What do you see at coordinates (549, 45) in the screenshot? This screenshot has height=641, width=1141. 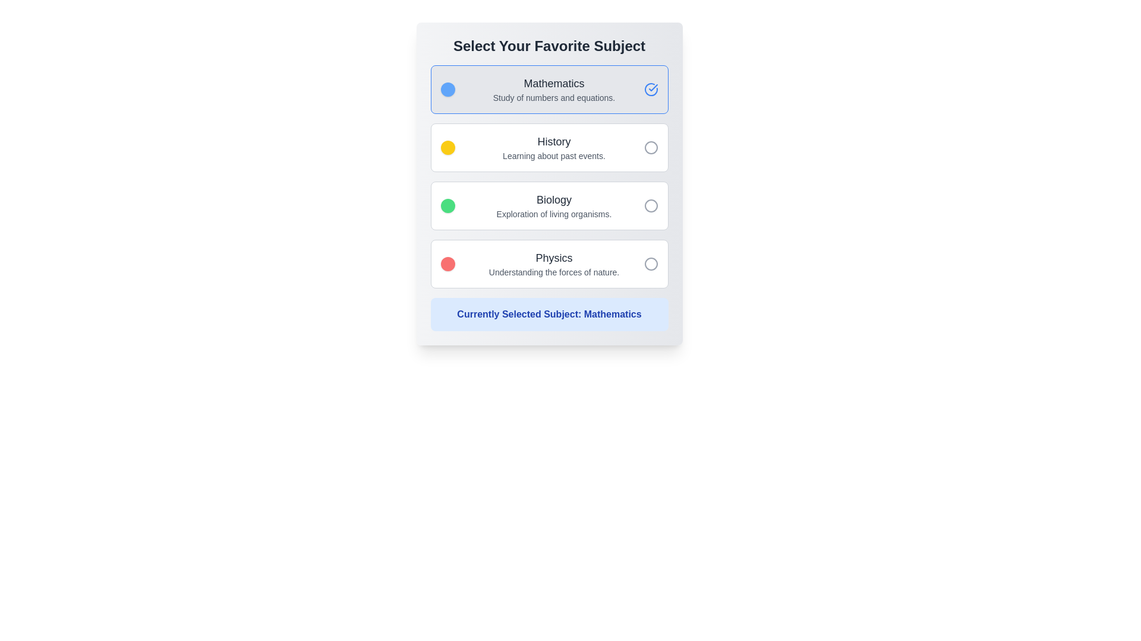 I see `the static text element that serves as the title for selecting a favorite subject, located at the top of the selection interface` at bounding box center [549, 45].